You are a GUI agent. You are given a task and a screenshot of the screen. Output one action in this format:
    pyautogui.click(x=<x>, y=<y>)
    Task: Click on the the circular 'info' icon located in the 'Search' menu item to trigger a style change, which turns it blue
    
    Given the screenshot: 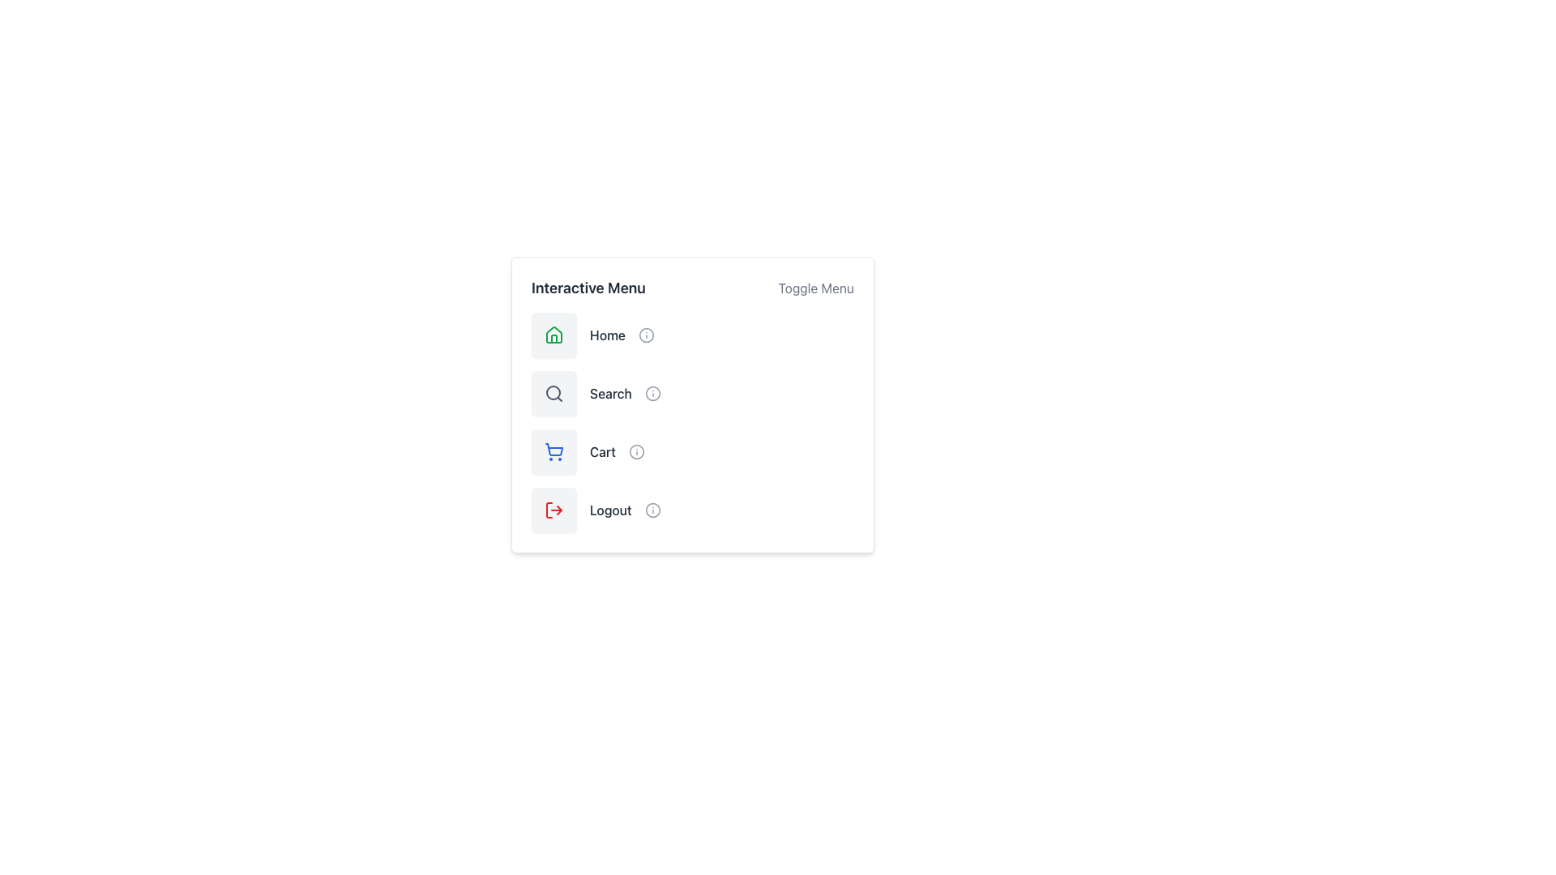 What is the action you would take?
    pyautogui.click(x=652, y=394)
    